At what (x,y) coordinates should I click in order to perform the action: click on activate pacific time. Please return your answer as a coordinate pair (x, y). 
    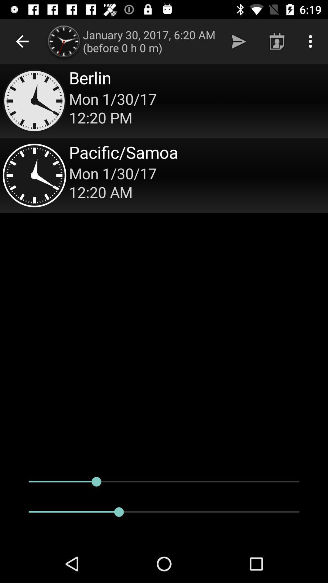
    Looking at the image, I should click on (164, 175).